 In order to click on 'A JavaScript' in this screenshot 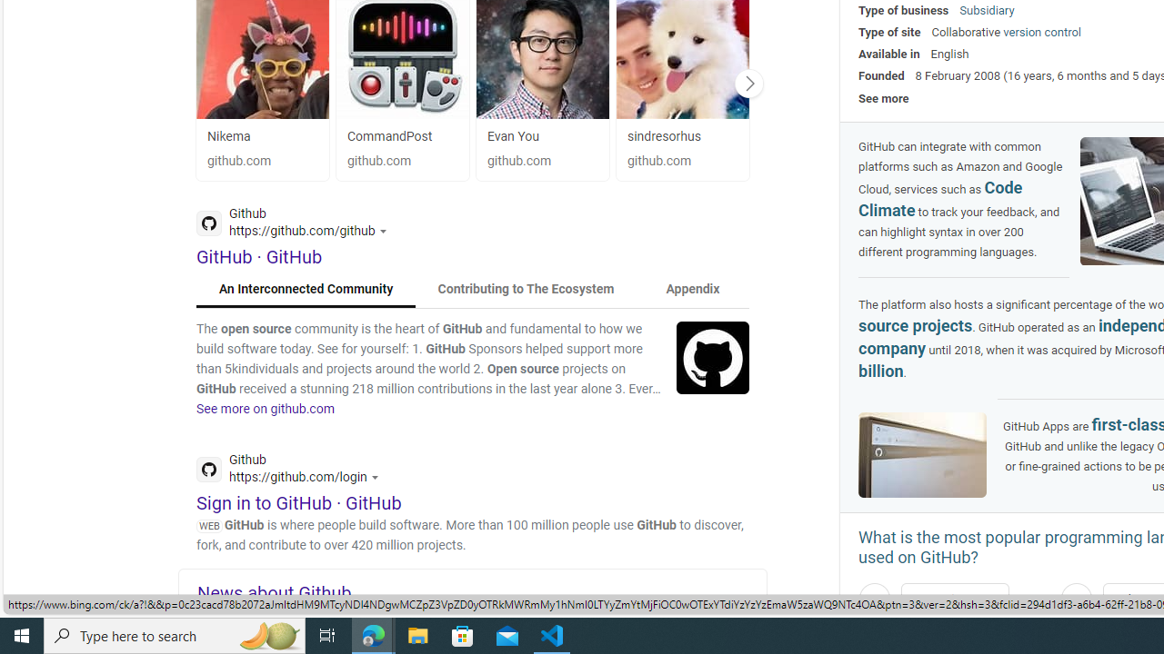, I will do `click(953, 599)`.